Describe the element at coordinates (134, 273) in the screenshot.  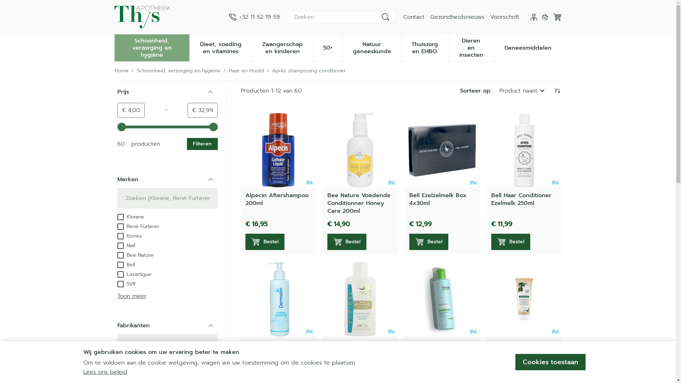
I see `'Lazartigue'` at that location.